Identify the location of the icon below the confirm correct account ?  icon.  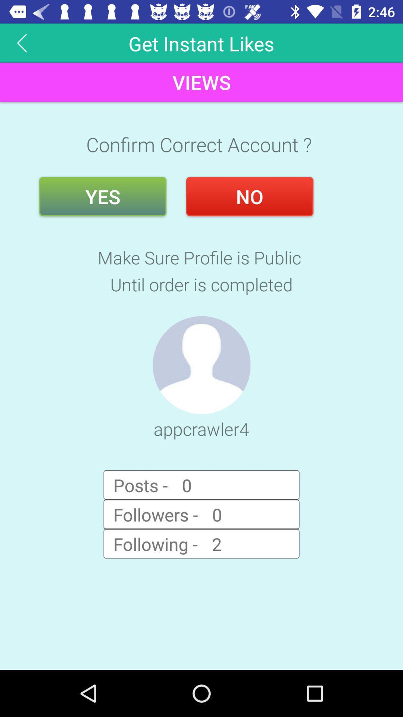
(250, 196).